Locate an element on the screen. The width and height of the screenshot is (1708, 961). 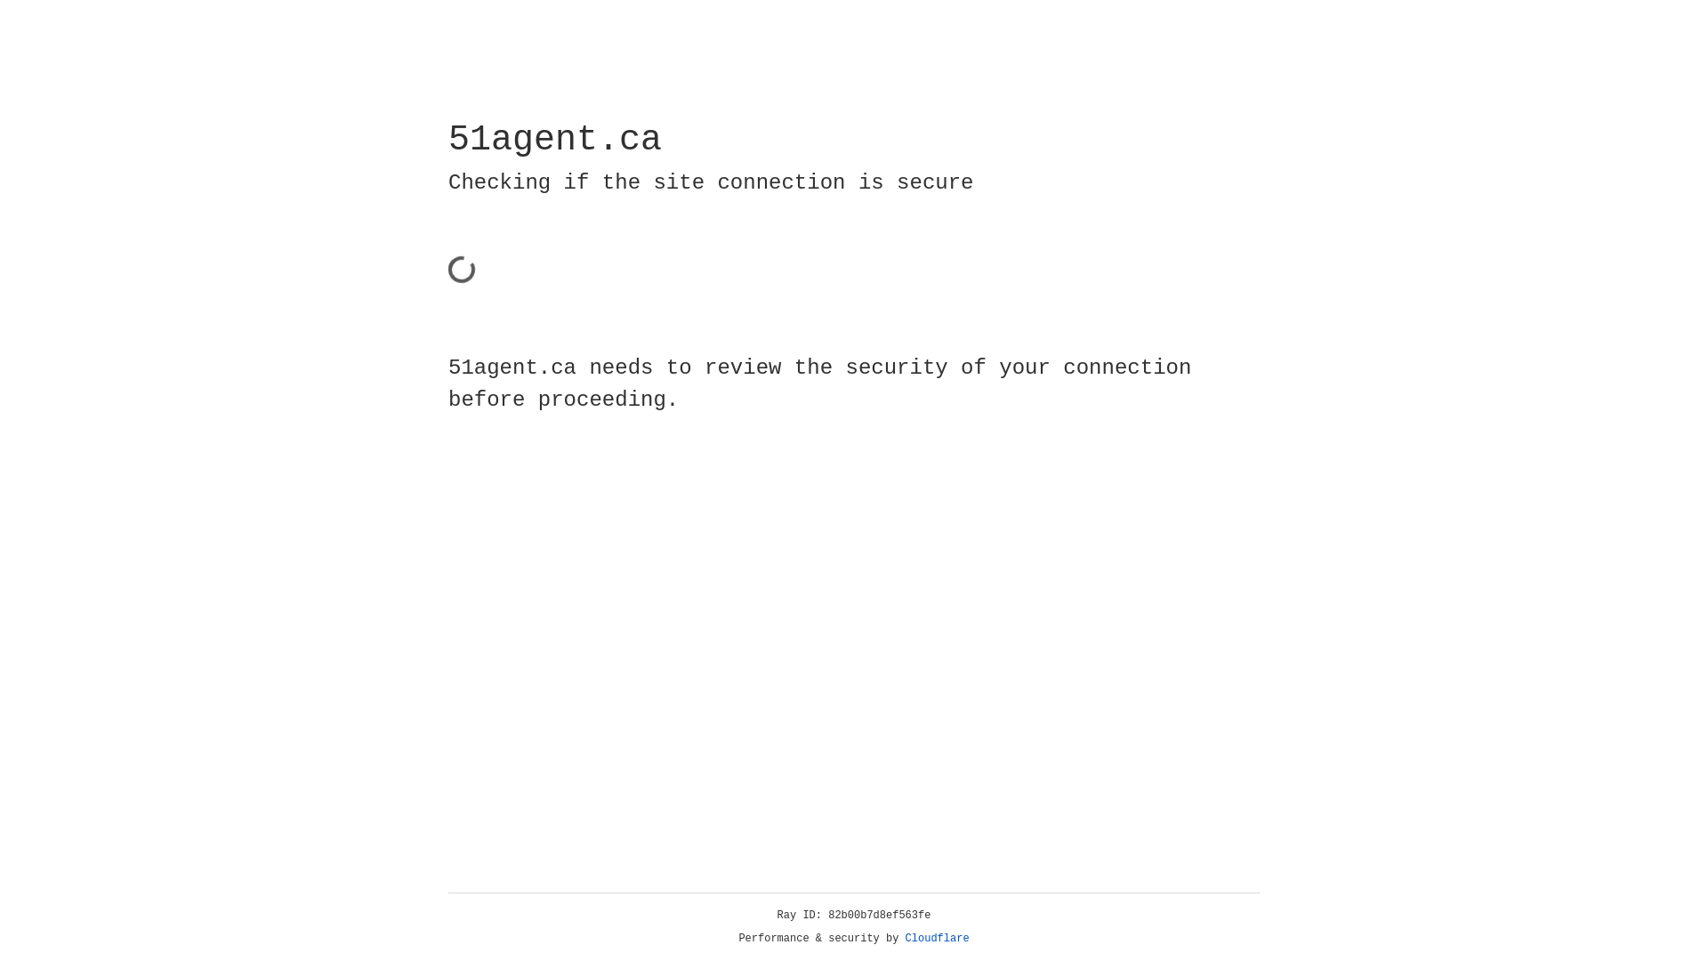
'Cloudflare' is located at coordinates (905, 938).